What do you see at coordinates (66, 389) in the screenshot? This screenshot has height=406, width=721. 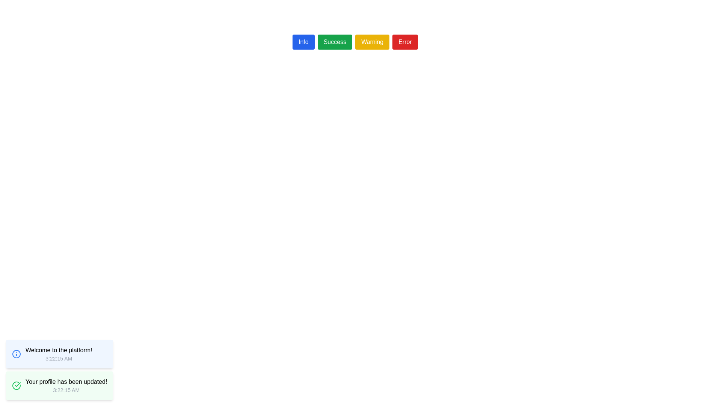 I see `the timestamp text label located at the bottom part of the notification message card, which indicates when the profile update occurred` at bounding box center [66, 389].